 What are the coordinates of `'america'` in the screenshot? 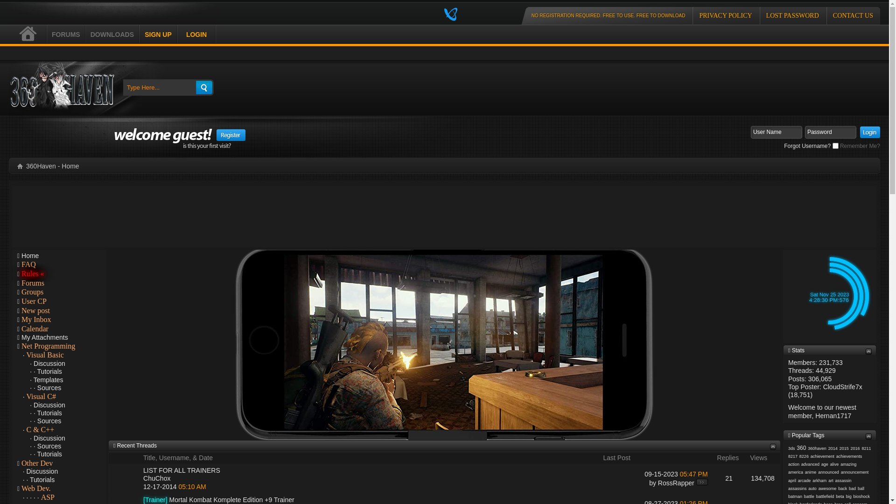 It's located at (795, 472).